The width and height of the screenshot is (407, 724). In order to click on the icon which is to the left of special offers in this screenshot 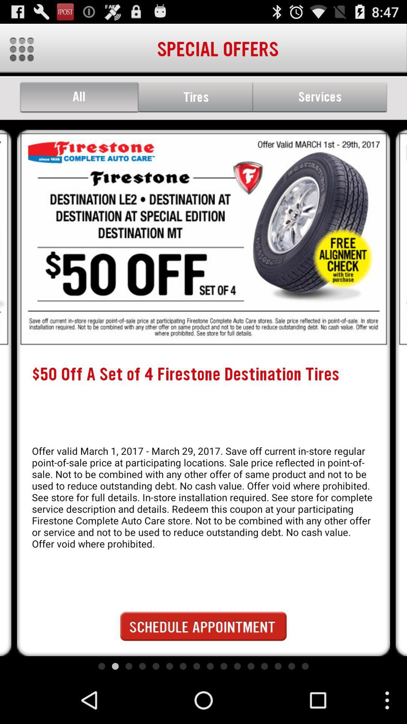, I will do `click(21, 49)`.